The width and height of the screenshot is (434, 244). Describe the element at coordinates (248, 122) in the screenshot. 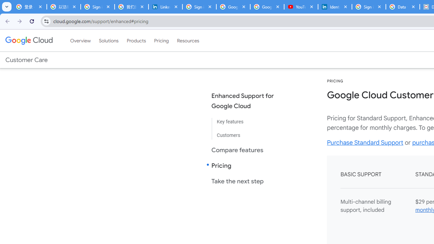

I see `'Key features'` at that location.